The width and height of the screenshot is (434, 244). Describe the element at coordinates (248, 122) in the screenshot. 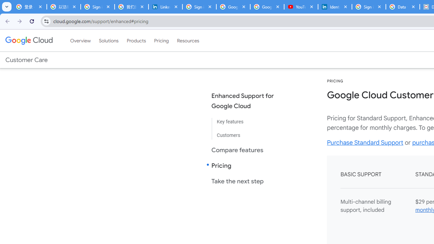

I see `'Key features'` at that location.